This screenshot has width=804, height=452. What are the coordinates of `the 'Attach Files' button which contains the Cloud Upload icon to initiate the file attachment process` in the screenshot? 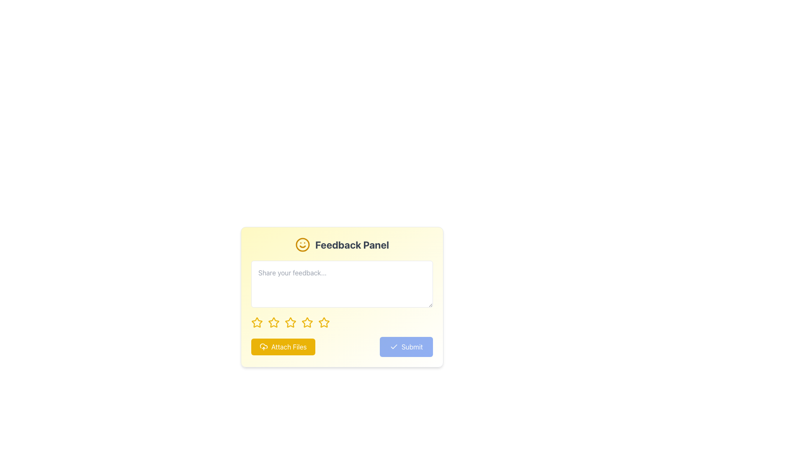 It's located at (263, 347).